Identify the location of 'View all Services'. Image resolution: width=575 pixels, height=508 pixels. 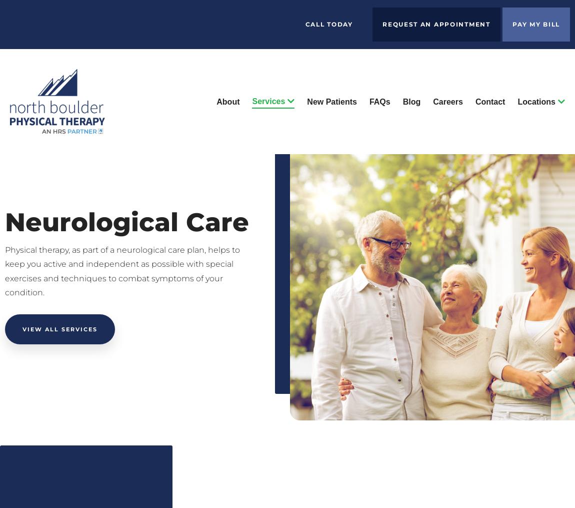
(59, 329).